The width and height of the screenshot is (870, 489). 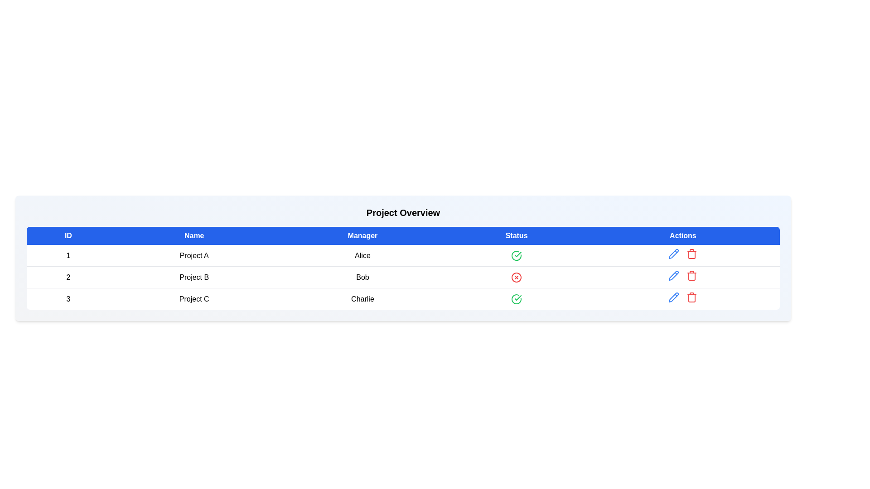 What do you see at coordinates (362, 299) in the screenshot?
I see `text content of the table cell containing the manager name 'Charlie' associated with 'Project C', located in the 'Manager' column of row ID '3'` at bounding box center [362, 299].